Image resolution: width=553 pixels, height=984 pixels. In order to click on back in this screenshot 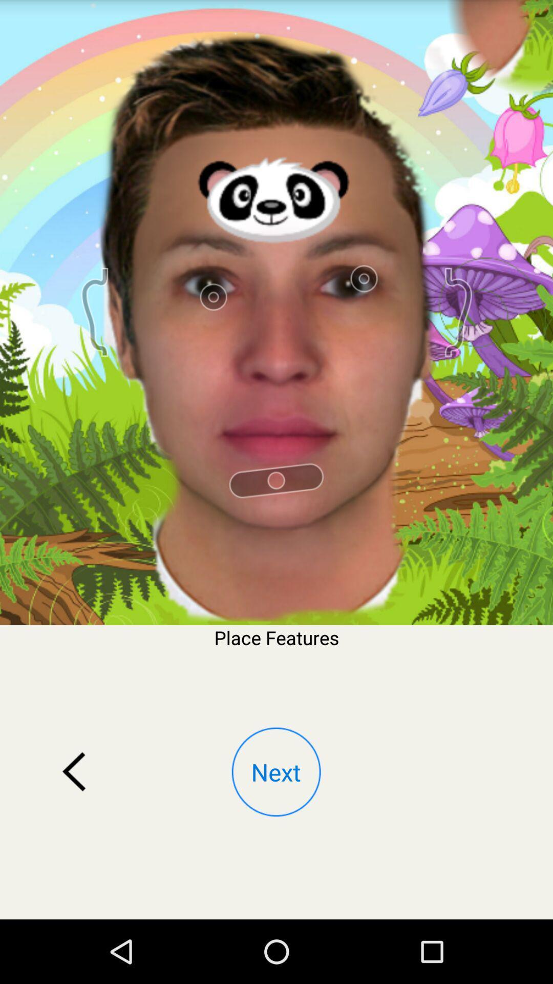, I will do `click(74, 772)`.